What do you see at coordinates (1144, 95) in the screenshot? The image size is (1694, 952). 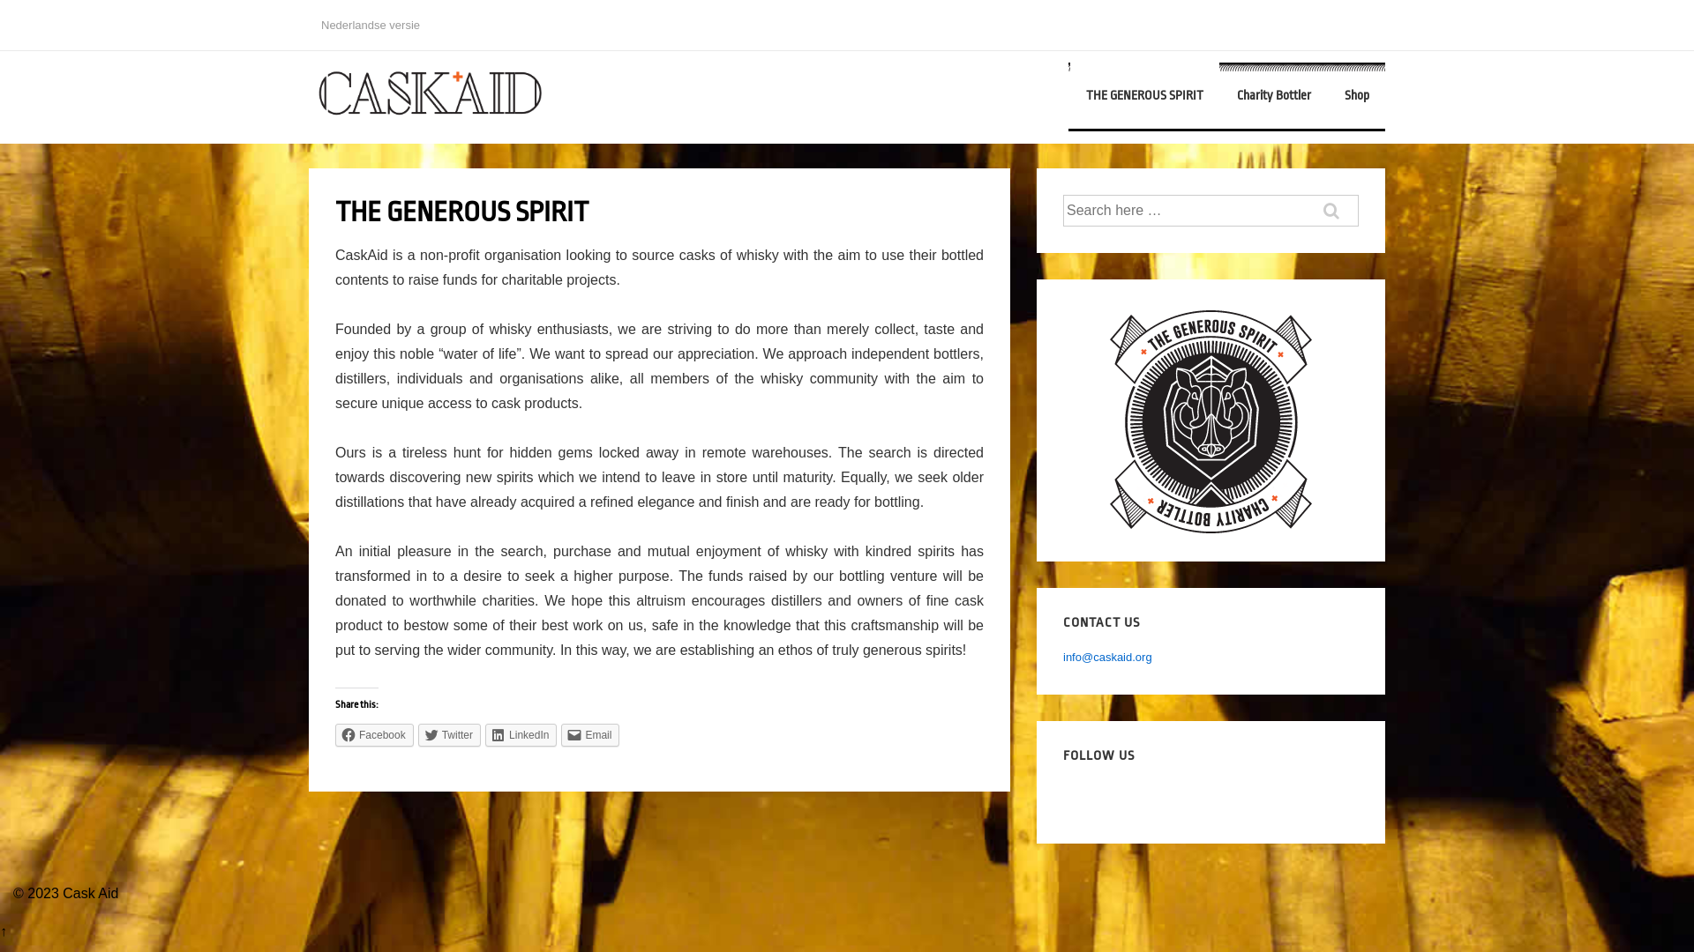 I see `'THE GENEROUS SPIRIT'` at bounding box center [1144, 95].